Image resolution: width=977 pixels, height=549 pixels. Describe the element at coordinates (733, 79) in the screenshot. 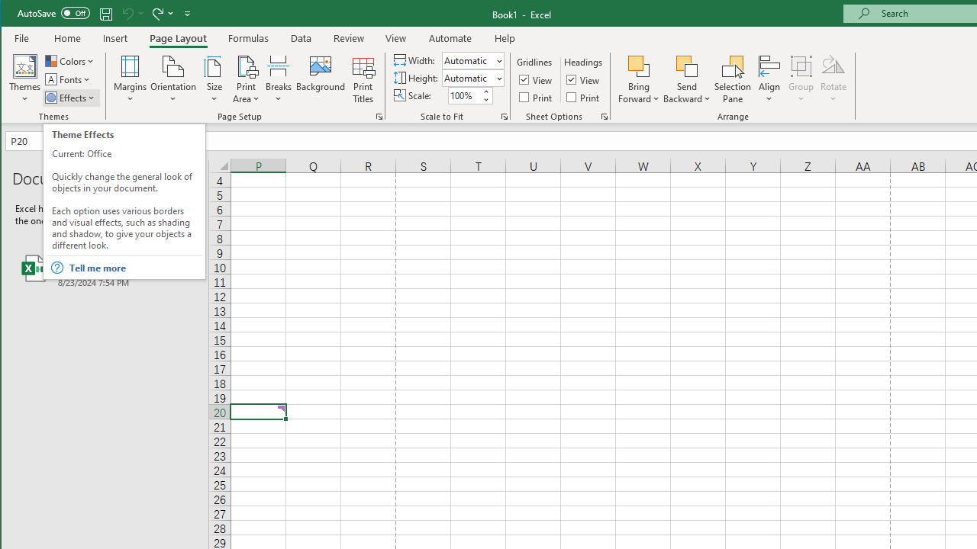

I see `'Selection Pane...'` at that location.